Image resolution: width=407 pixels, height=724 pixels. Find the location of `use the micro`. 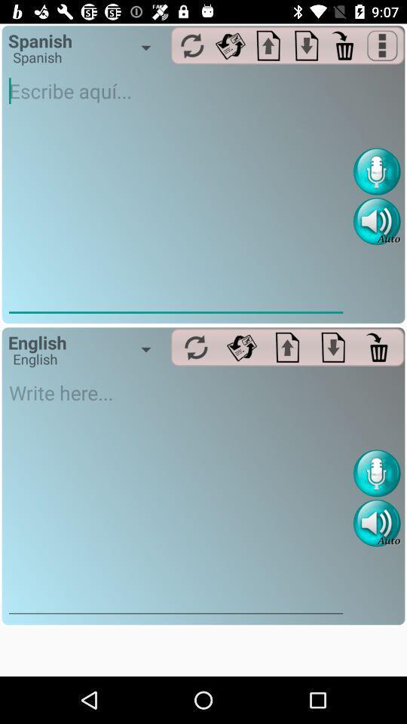

use the micro is located at coordinates (376, 171).